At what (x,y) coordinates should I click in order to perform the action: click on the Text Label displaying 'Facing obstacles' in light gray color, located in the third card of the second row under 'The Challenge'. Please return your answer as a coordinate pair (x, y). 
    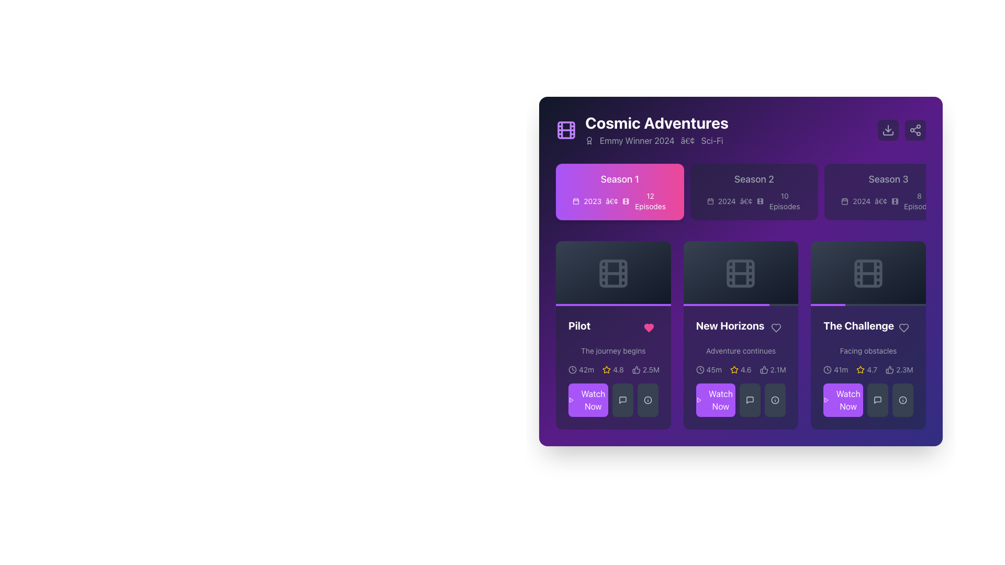
    Looking at the image, I should click on (868, 351).